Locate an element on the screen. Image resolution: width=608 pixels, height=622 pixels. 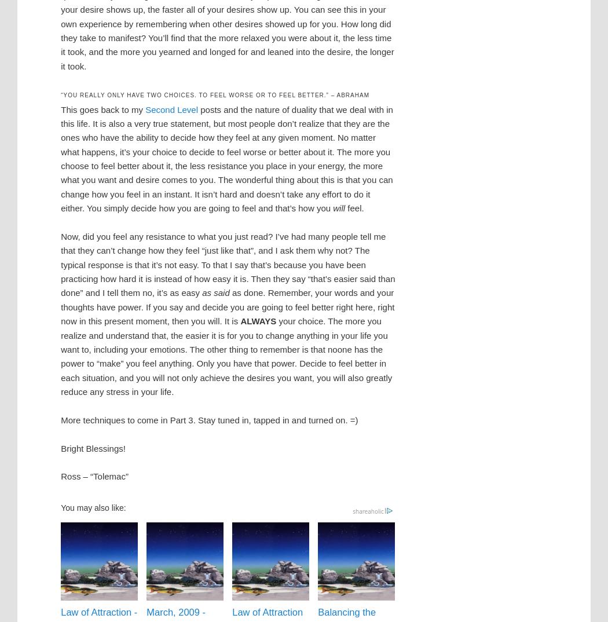
'Second Level' is located at coordinates (171, 109).